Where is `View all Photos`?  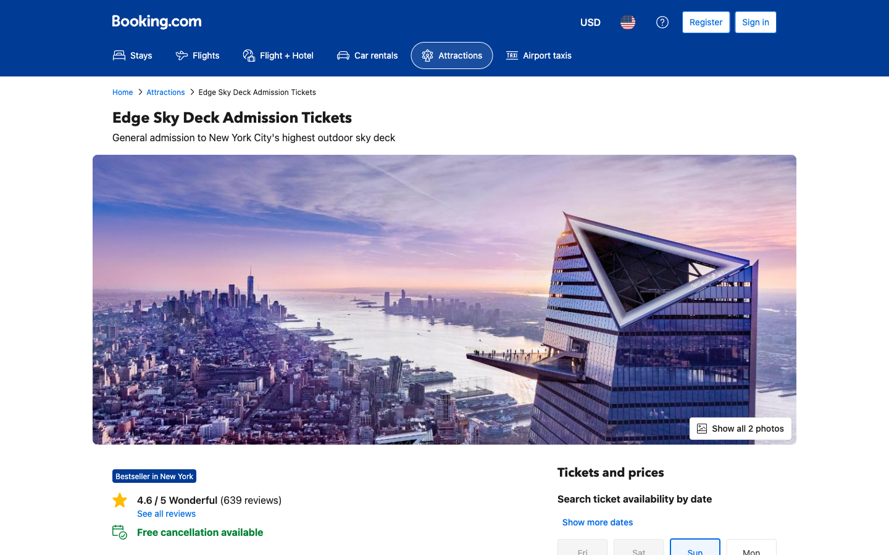
View all Photos is located at coordinates (740, 427).